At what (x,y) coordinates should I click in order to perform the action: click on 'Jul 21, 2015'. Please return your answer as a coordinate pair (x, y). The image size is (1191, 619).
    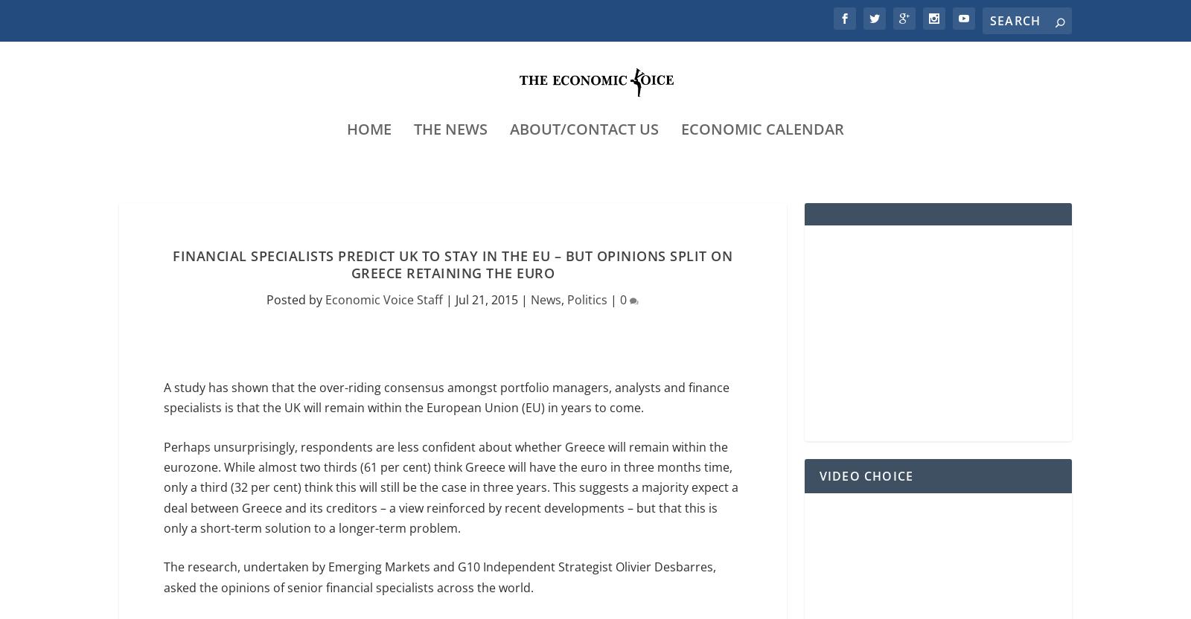
    Looking at the image, I should click on (487, 301).